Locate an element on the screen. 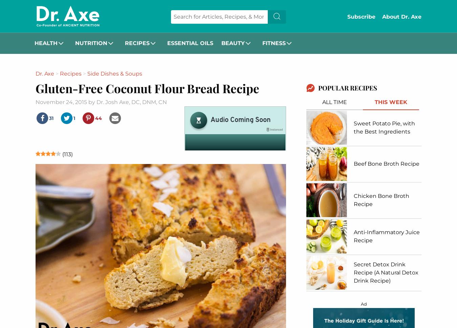 This screenshot has width=457, height=328. 'Dr. Axe' is located at coordinates (45, 73).